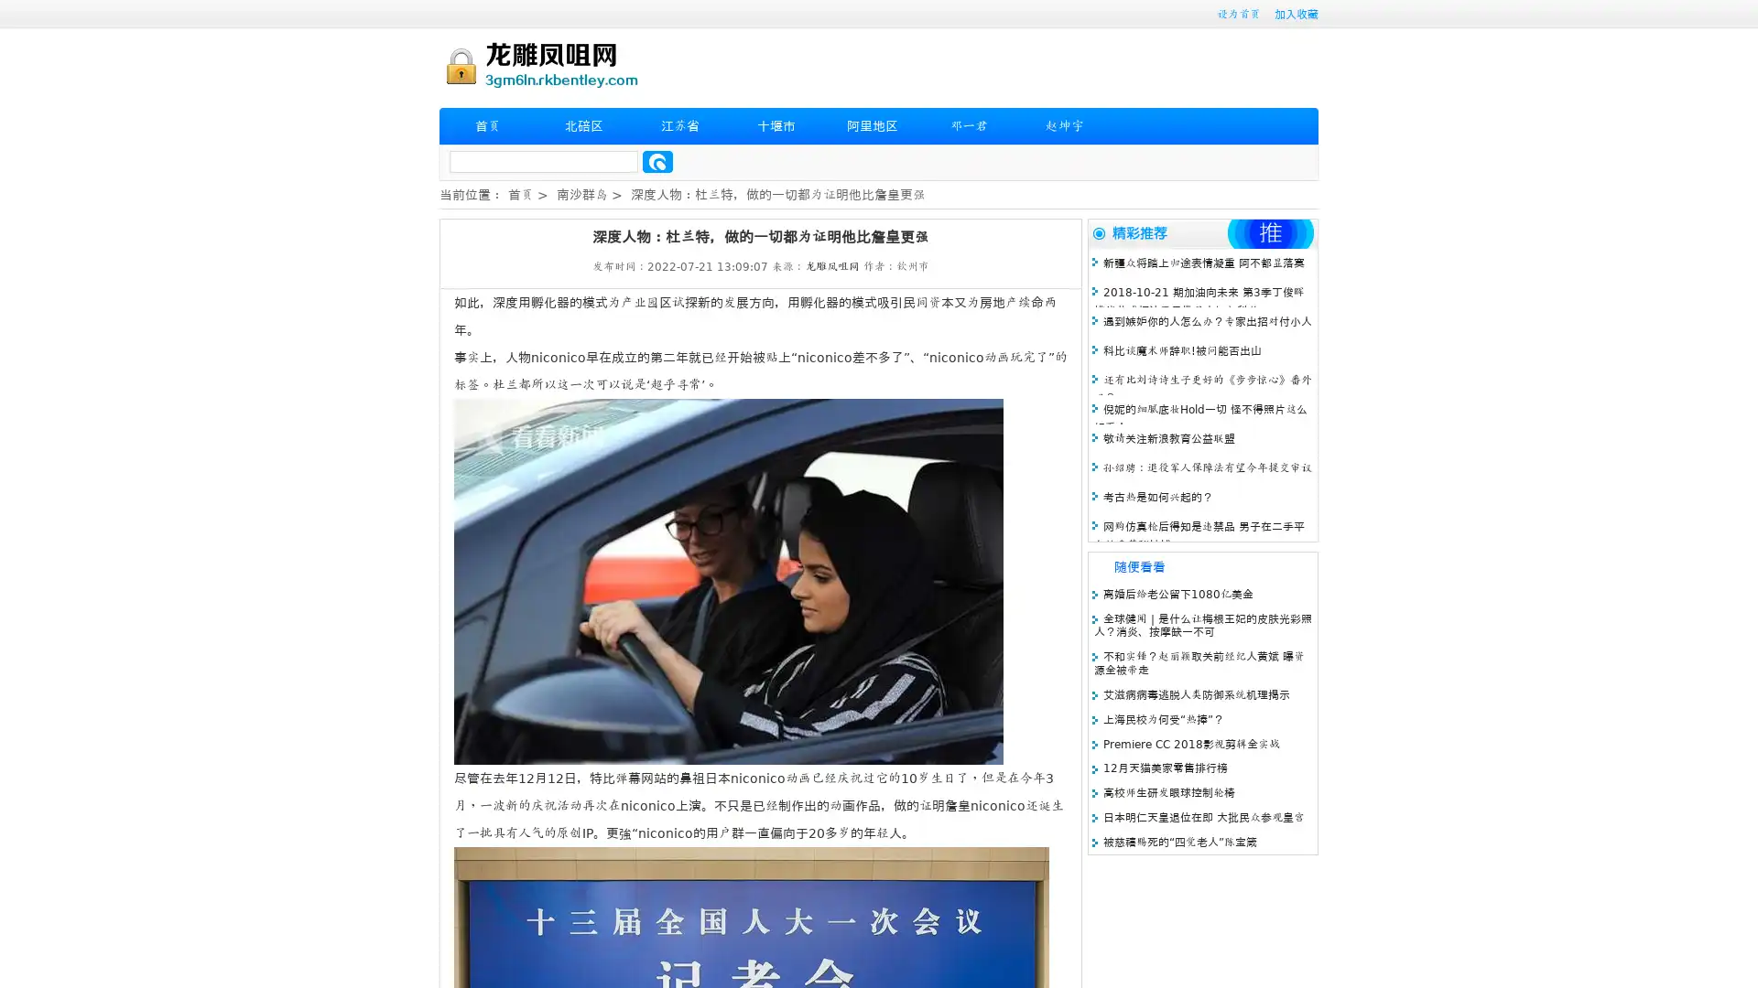  I want to click on Search, so click(657, 161).